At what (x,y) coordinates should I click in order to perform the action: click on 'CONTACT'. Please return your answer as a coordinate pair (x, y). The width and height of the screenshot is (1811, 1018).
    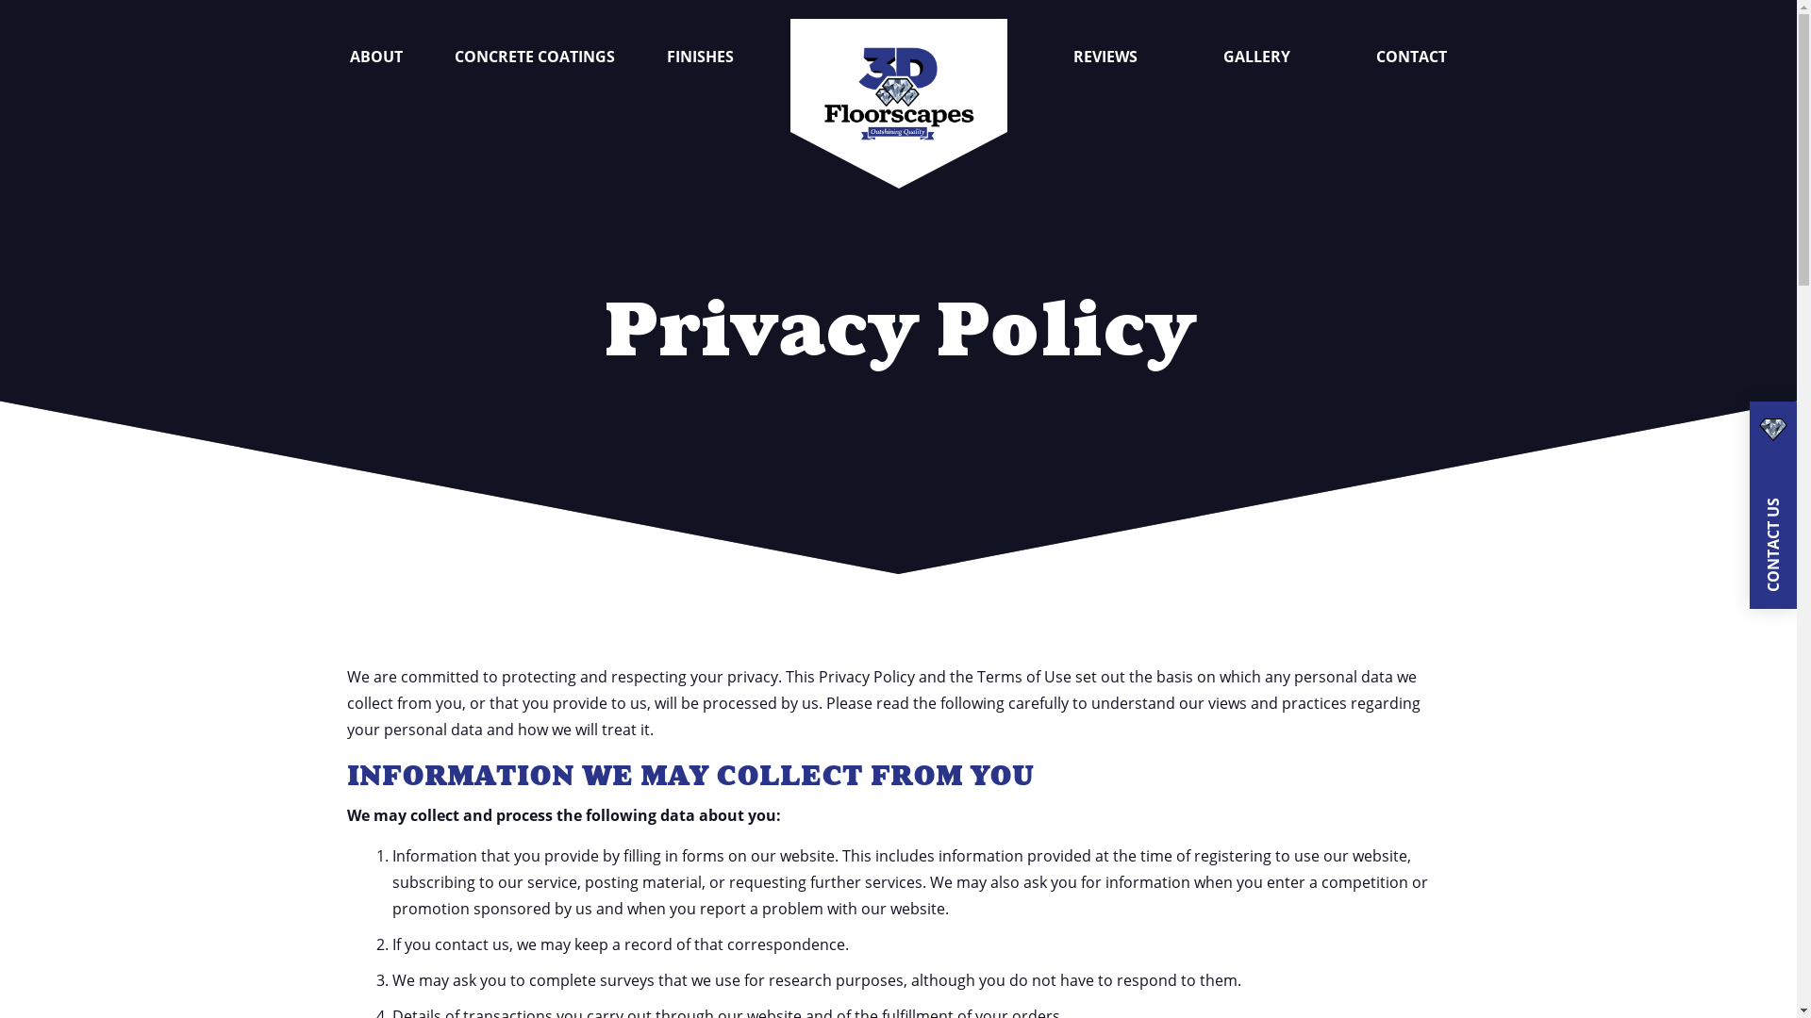
    Looking at the image, I should click on (1411, 56).